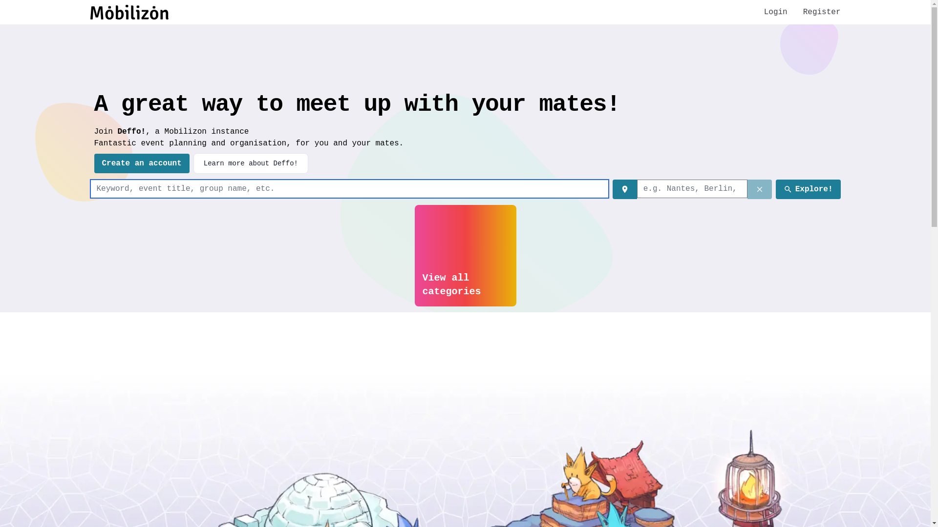 This screenshot has width=938, height=527. What do you see at coordinates (821, 12) in the screenshot?
I see `'Register'` at bounding box center [821, 12].